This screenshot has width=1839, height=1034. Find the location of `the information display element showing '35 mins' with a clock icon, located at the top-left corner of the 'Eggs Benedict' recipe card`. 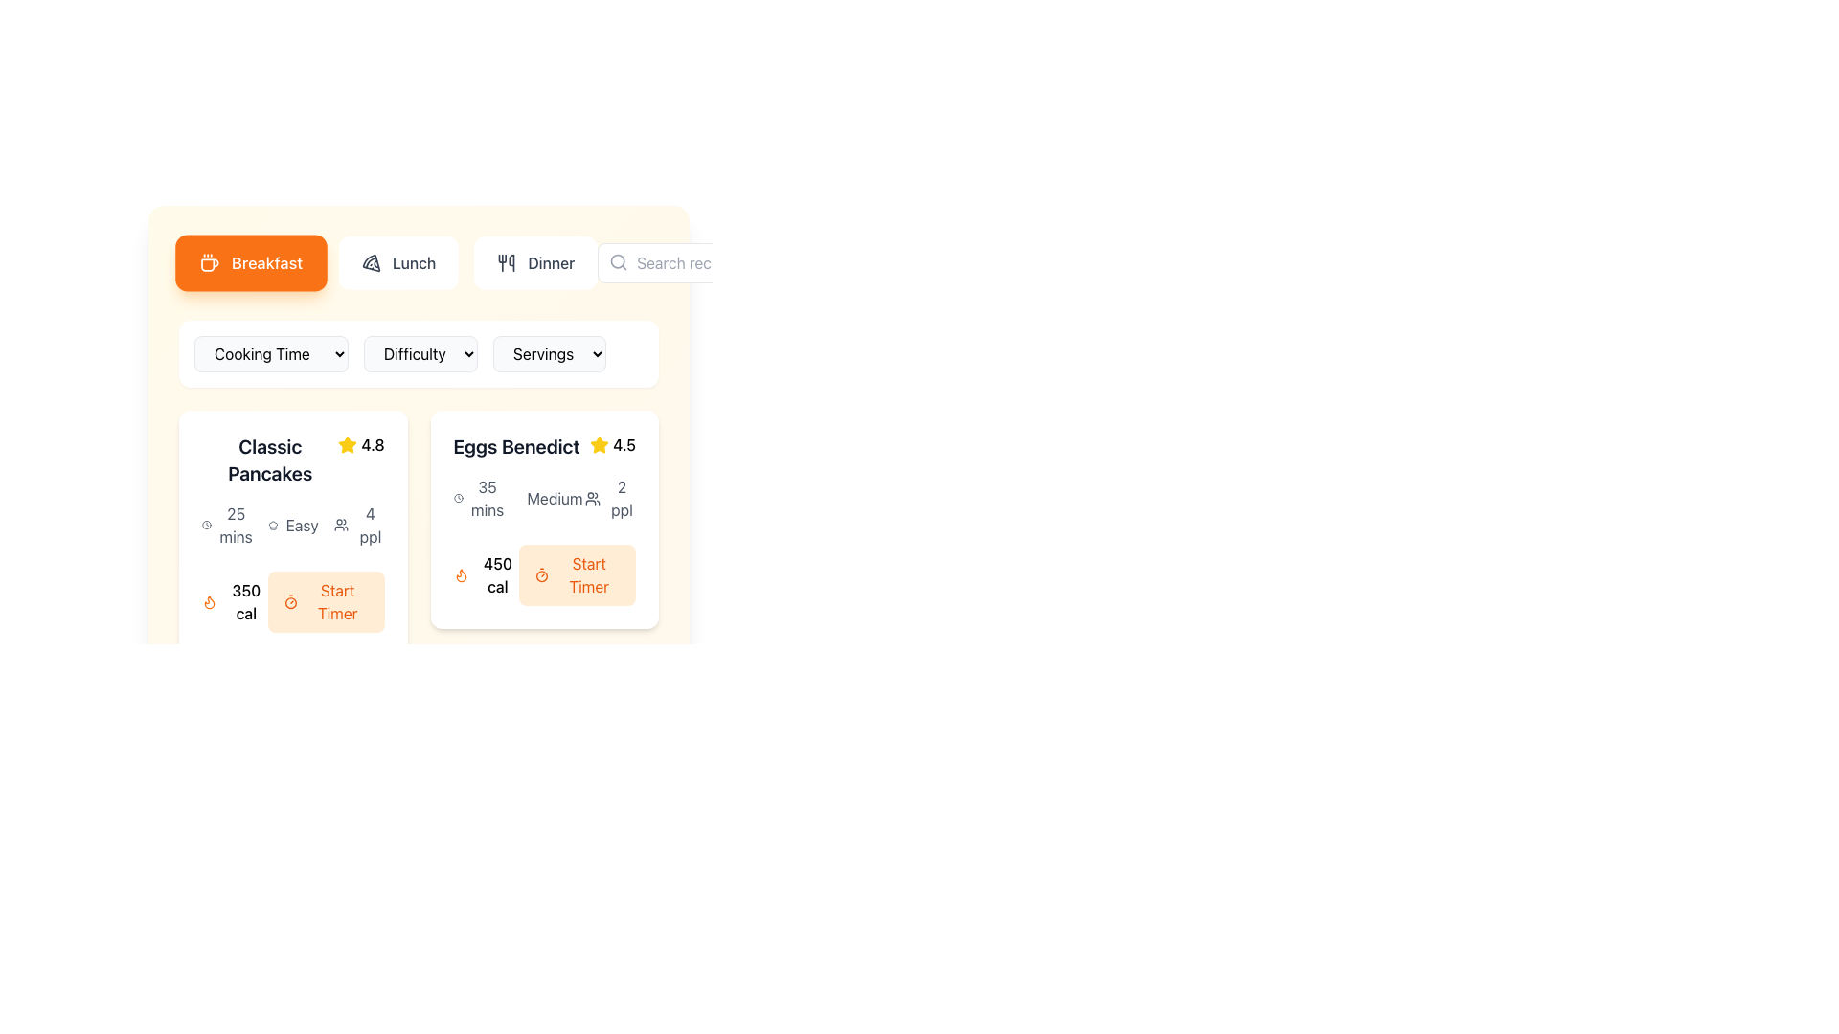

the information display element showing '35 mins' with a clock icon, located at the top-left corner of the 'Eggs Benedict' recipe card is located at coordinates (478, 497).